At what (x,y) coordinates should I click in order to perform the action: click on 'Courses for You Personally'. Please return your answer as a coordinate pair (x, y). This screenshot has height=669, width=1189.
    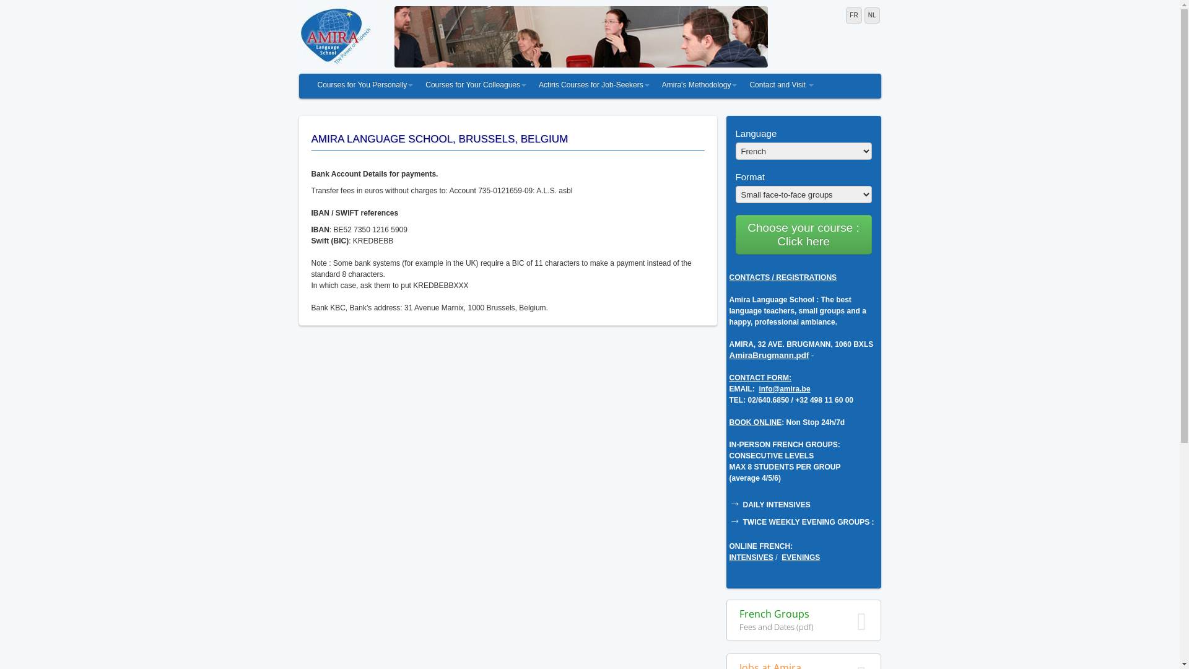
    Looking at the image, I should click on (364, 85).